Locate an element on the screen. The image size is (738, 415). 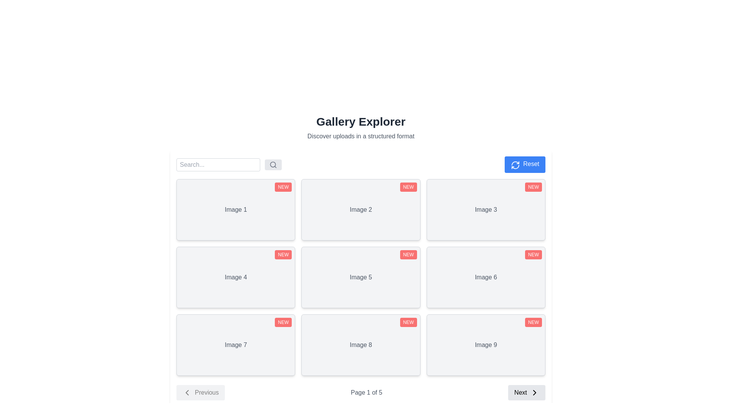
the fourth tile or card component in the gallery interface, which displays 'Image 4' and has a 'NEW' badge is located at coordinates (235, 277).